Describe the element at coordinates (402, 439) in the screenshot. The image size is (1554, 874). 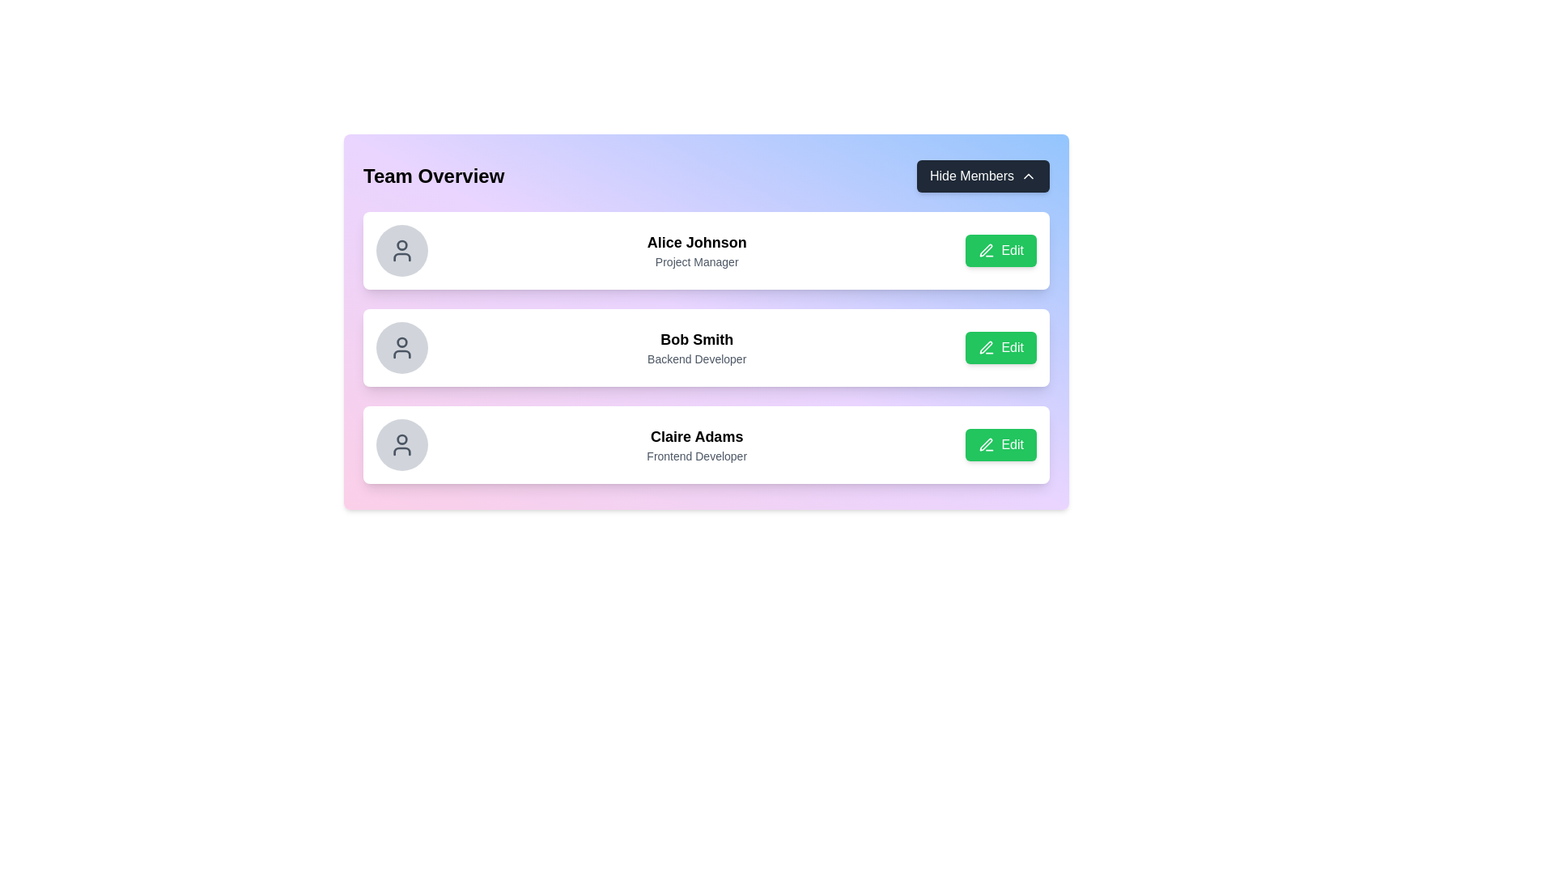
I see `the inner circular component of the profile icon associated with Claire Adams in the 'Team Overview' list, located on the left side of the third row` at that location.